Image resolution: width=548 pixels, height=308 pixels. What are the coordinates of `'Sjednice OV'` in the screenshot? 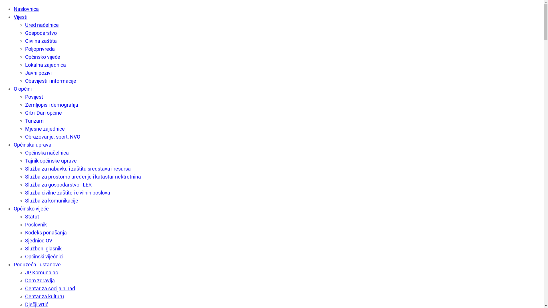 It's located at (38, 240).